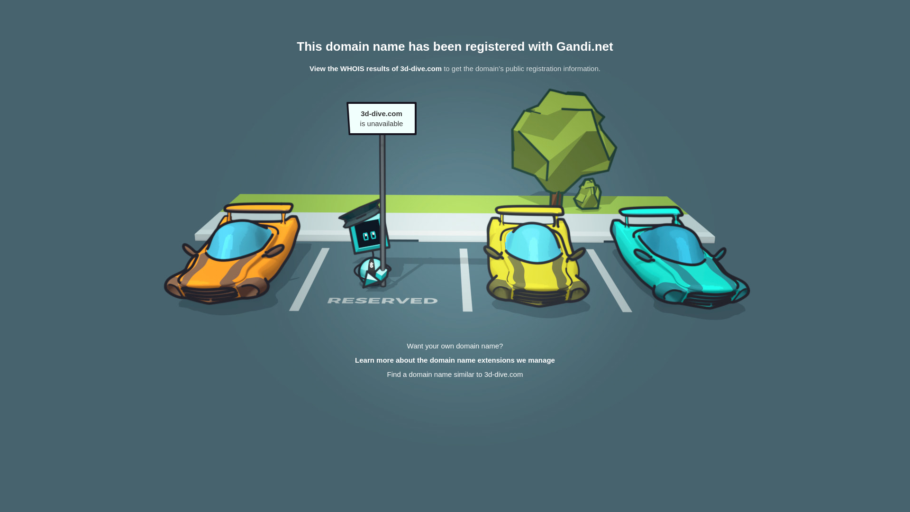 The height and width of the screenshot is (512, 910). What do you see at coordinates (375, 68) in the screenshot?
I see `'View the WHOIS results of 3d-dive.com'` at bounding box center [375, 68].